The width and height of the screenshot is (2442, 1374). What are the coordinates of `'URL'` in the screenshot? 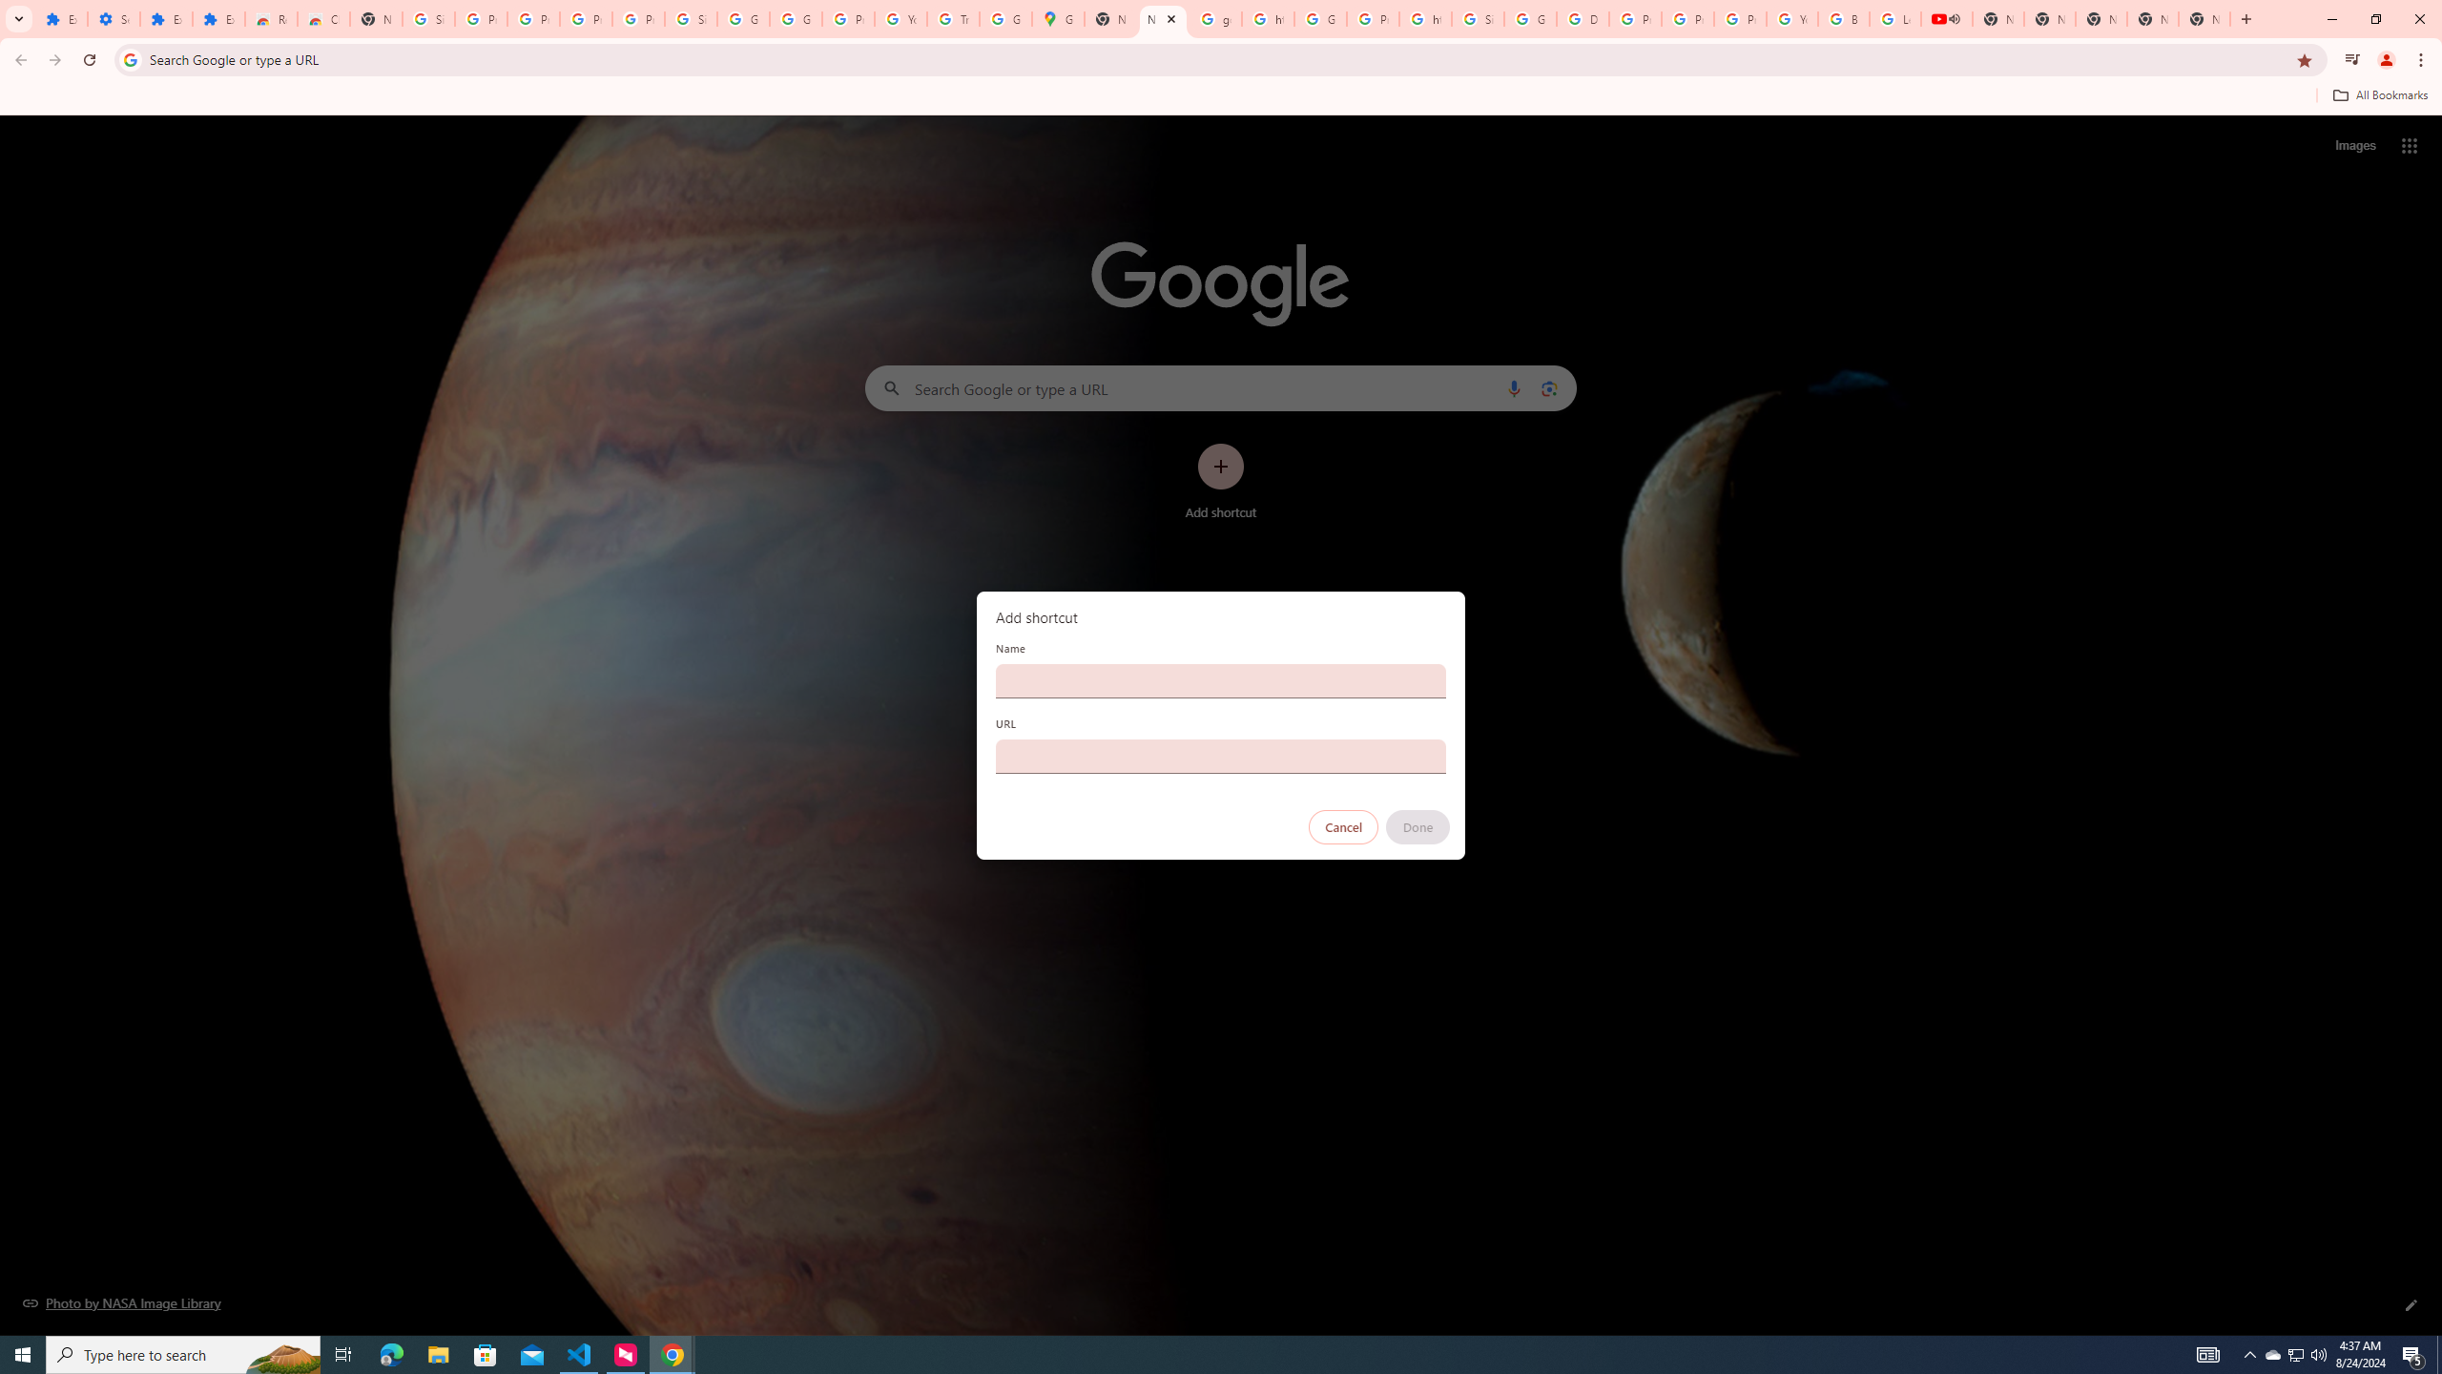 It's located at (1221, 756).